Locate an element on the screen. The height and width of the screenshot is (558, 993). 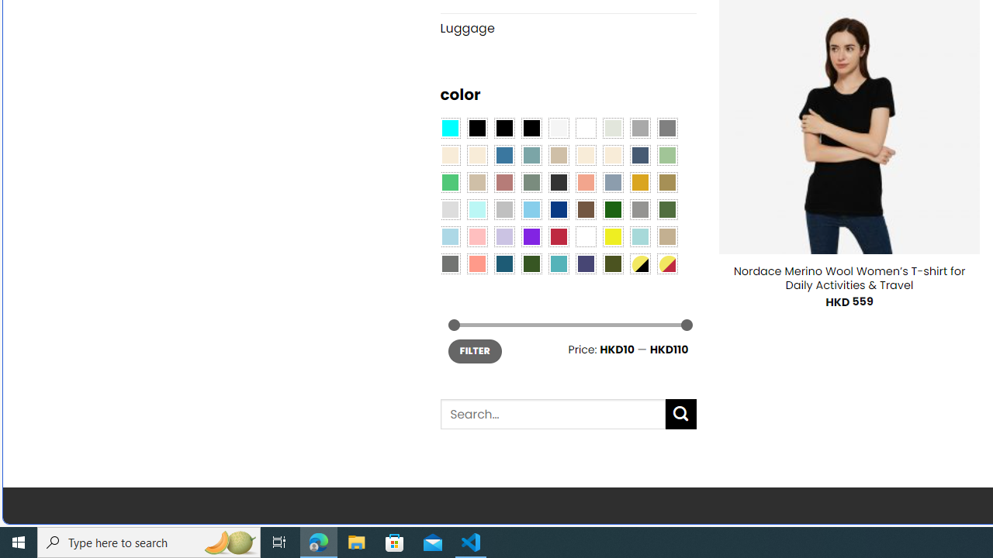
'Silver' is located at coordinates (504, 209).